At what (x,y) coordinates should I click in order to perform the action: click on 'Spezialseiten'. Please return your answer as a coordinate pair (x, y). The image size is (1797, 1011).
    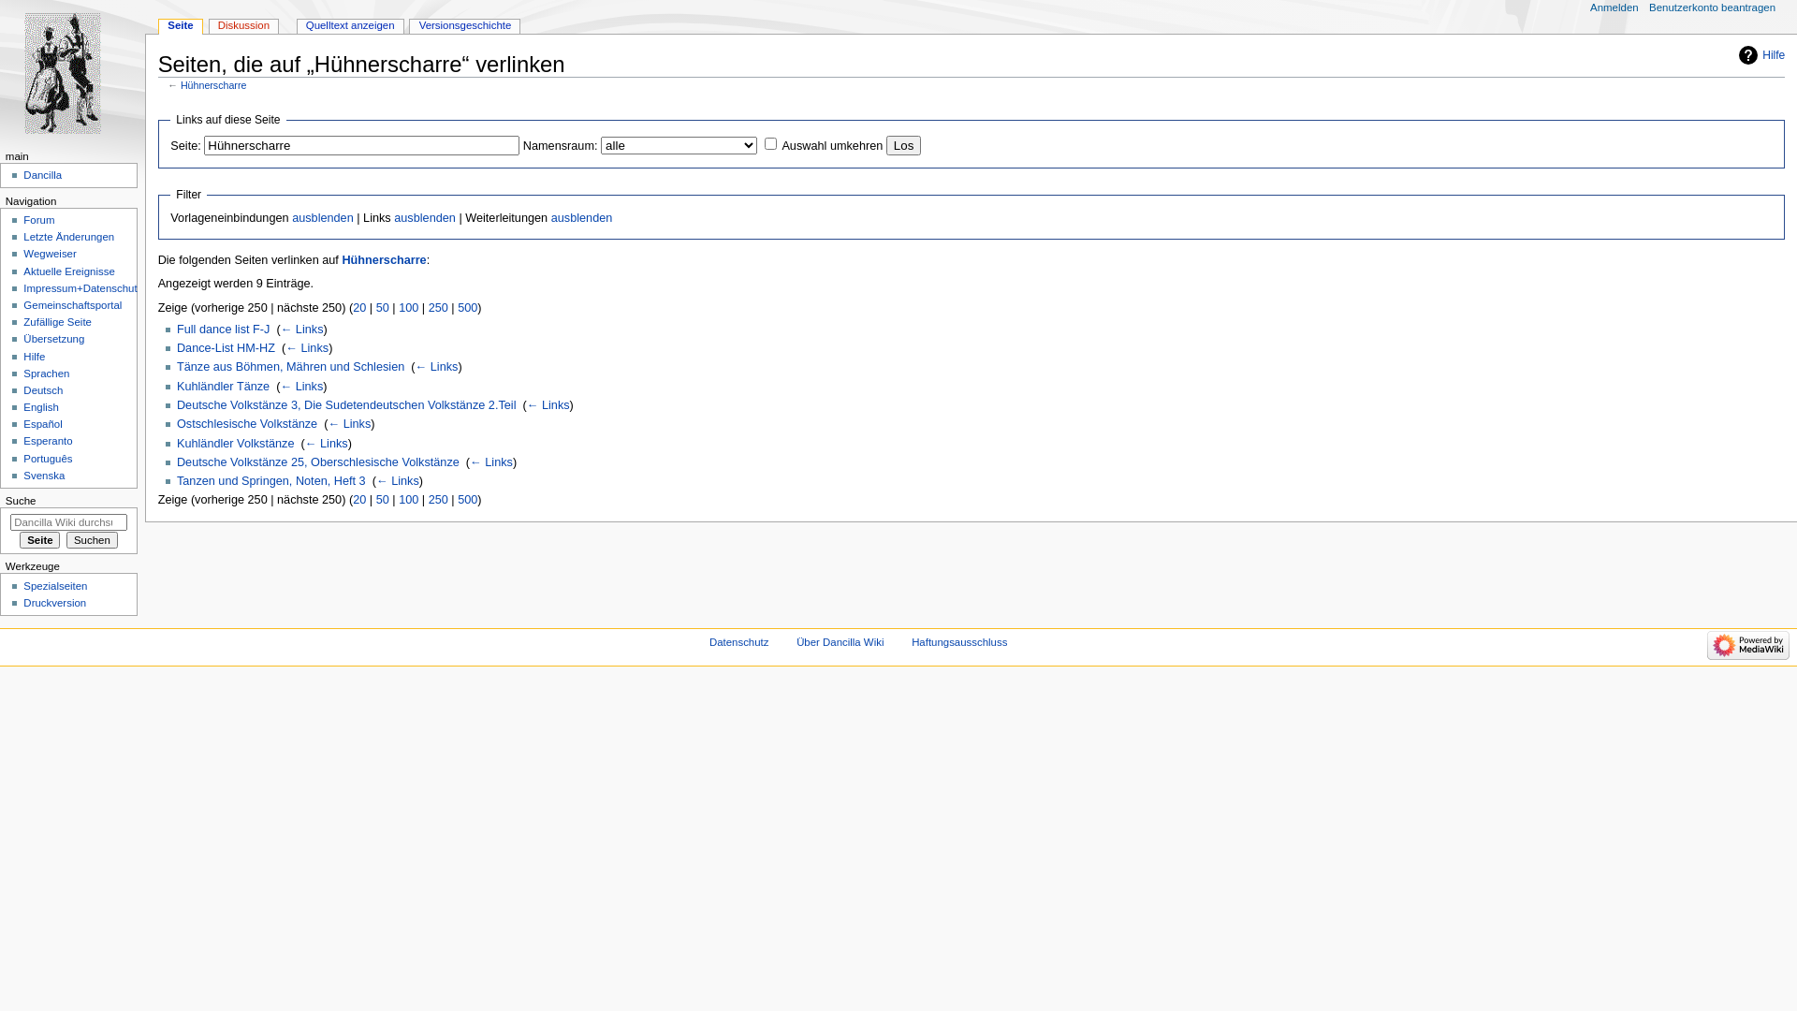
    Looking at the image, I should click on (54, 584).